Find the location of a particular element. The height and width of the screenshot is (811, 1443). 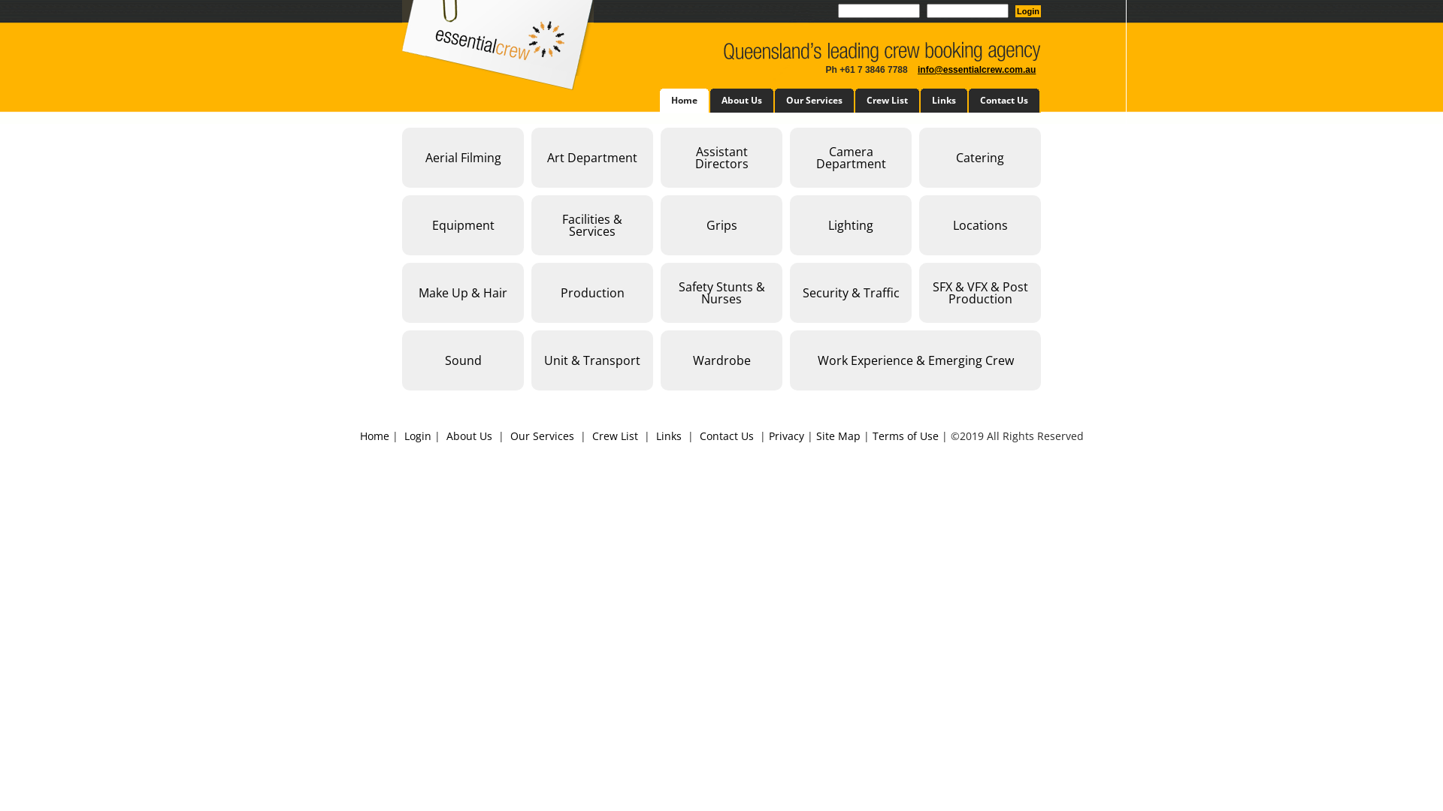

'Terms of Use' is located at coordinates (904, 436).